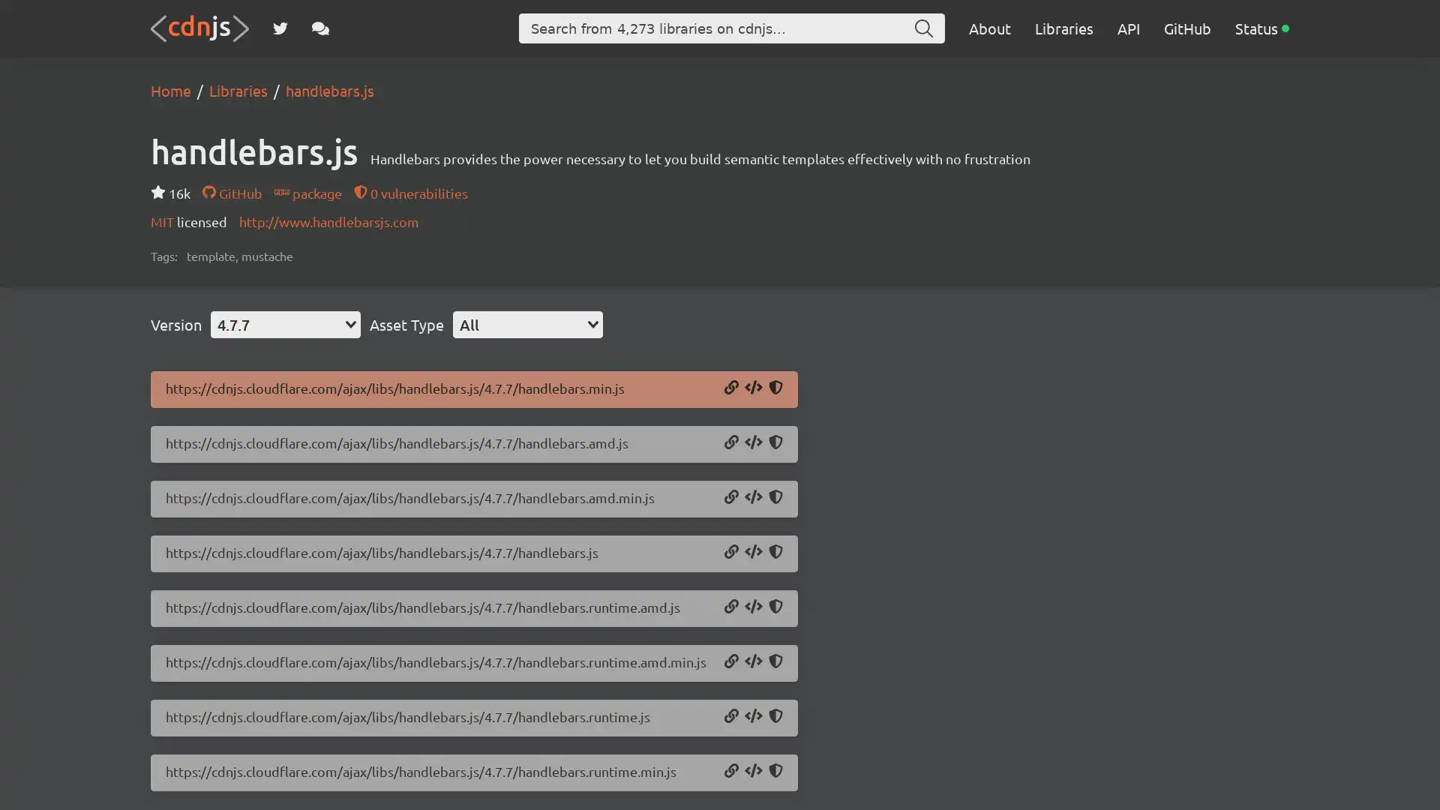 This screenshot has width=1440, height=810. Describe the element at coordinates (753, 716) in the screenshot. I see `Copy Script Tag` at that location.